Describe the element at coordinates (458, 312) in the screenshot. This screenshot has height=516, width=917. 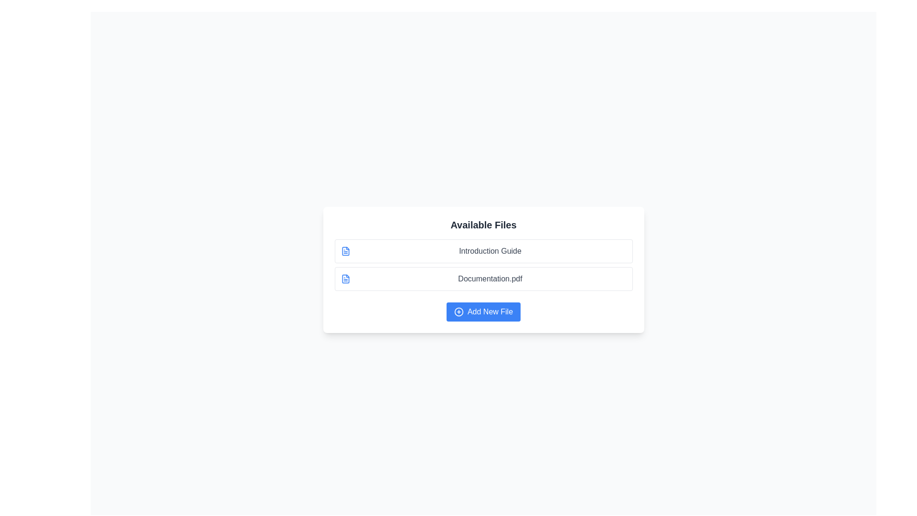
I see `the blue circular icon with a plus sign, which is located to the left of the 'Add New File' text at the bottom-center of the card displaying file items` at that location.